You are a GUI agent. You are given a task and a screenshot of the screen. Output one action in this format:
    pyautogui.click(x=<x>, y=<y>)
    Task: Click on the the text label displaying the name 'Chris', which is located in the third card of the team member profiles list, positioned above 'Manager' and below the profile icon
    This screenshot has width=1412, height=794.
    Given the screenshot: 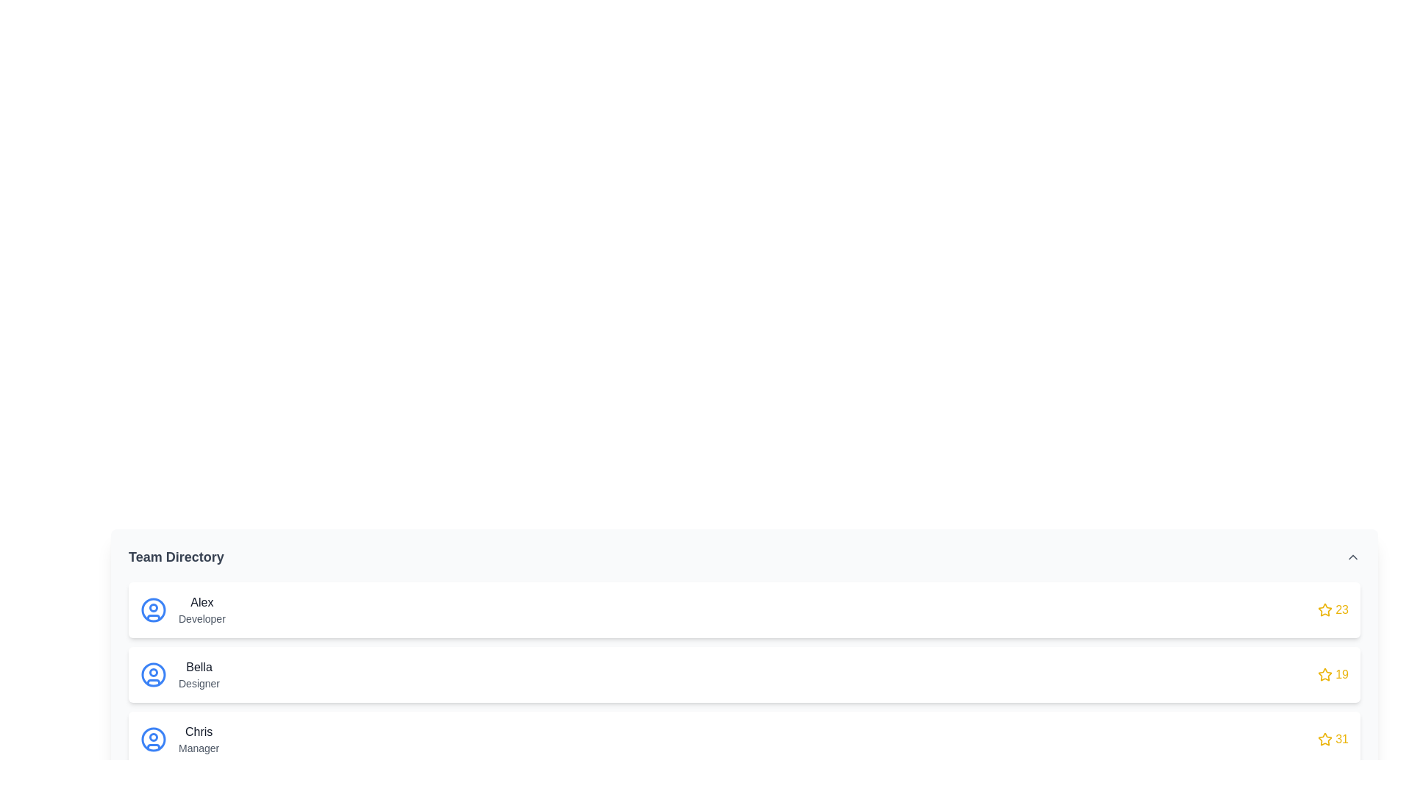 What is the action you would take?
    pyautogui.click(x=198, y=732)
    